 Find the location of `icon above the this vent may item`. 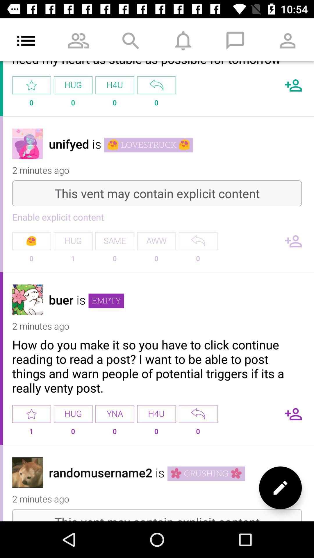

icon above the this vent may item is located at coordinates (280, 488).